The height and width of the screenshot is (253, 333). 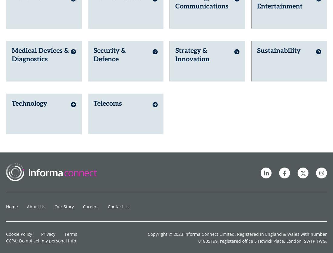 I want to click on 'Home', so click(x=12, y=137).